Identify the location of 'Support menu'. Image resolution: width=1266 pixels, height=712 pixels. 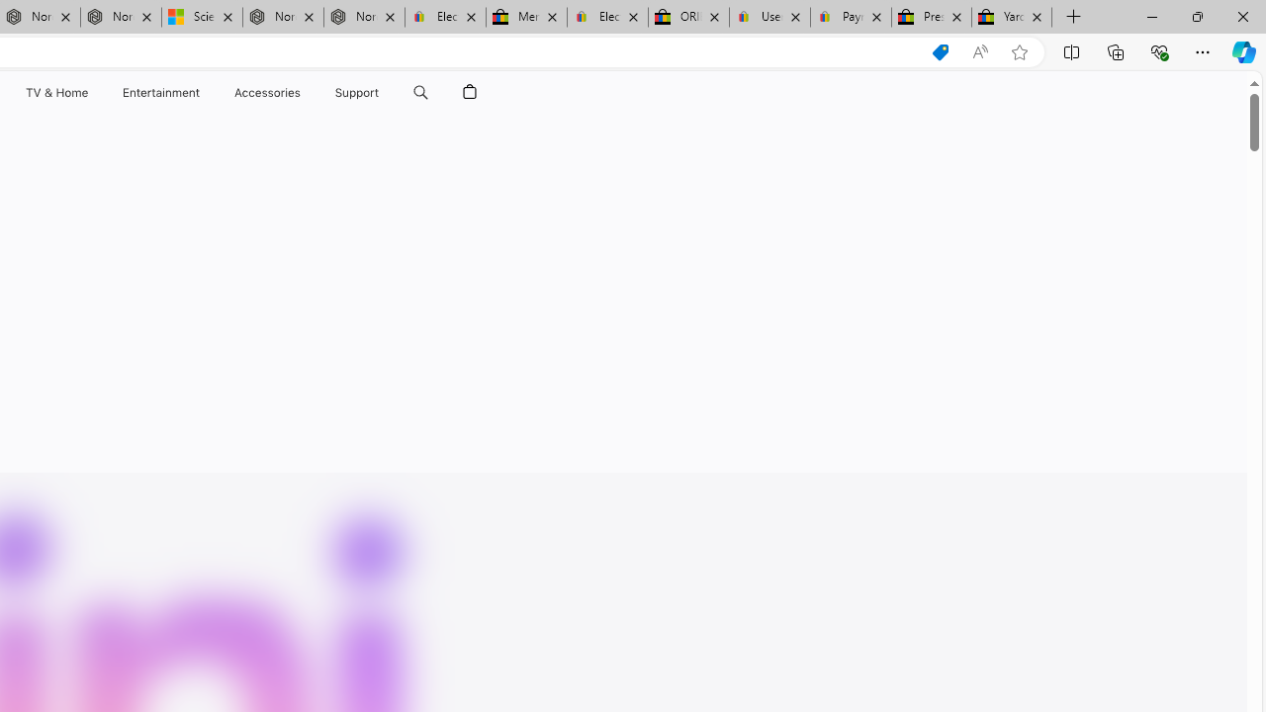
(383, 92).